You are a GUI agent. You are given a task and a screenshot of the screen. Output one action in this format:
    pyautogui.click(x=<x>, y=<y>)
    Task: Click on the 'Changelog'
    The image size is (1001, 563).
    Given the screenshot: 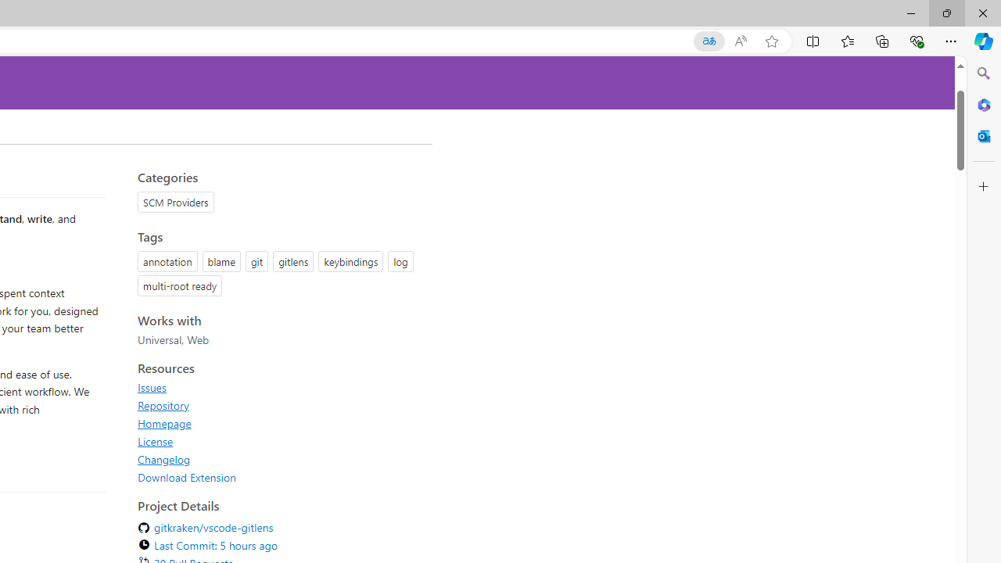 What is the action you would take?
    pyautogui.click(x=164, y=458)
    